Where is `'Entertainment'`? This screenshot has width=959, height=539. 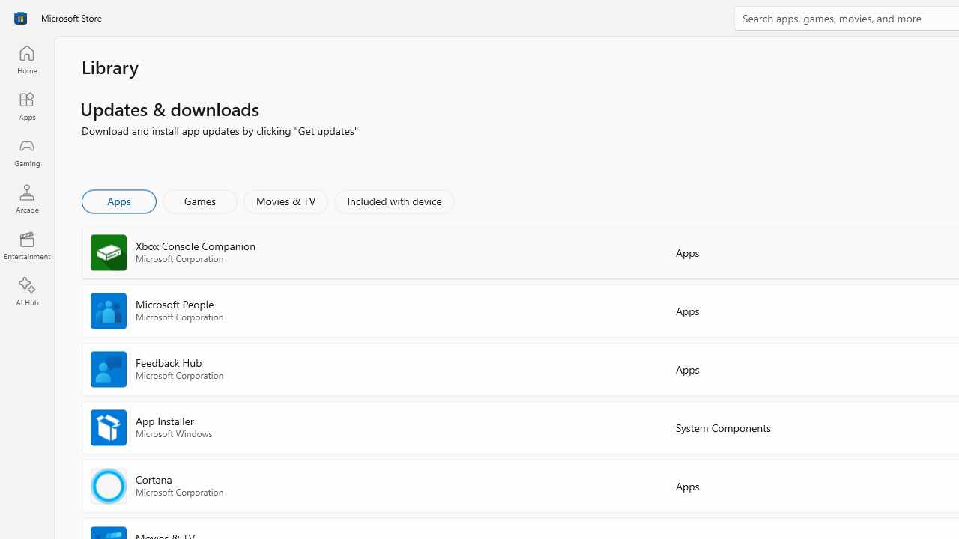
'Entertainment' is located at coordinates (26, 244).